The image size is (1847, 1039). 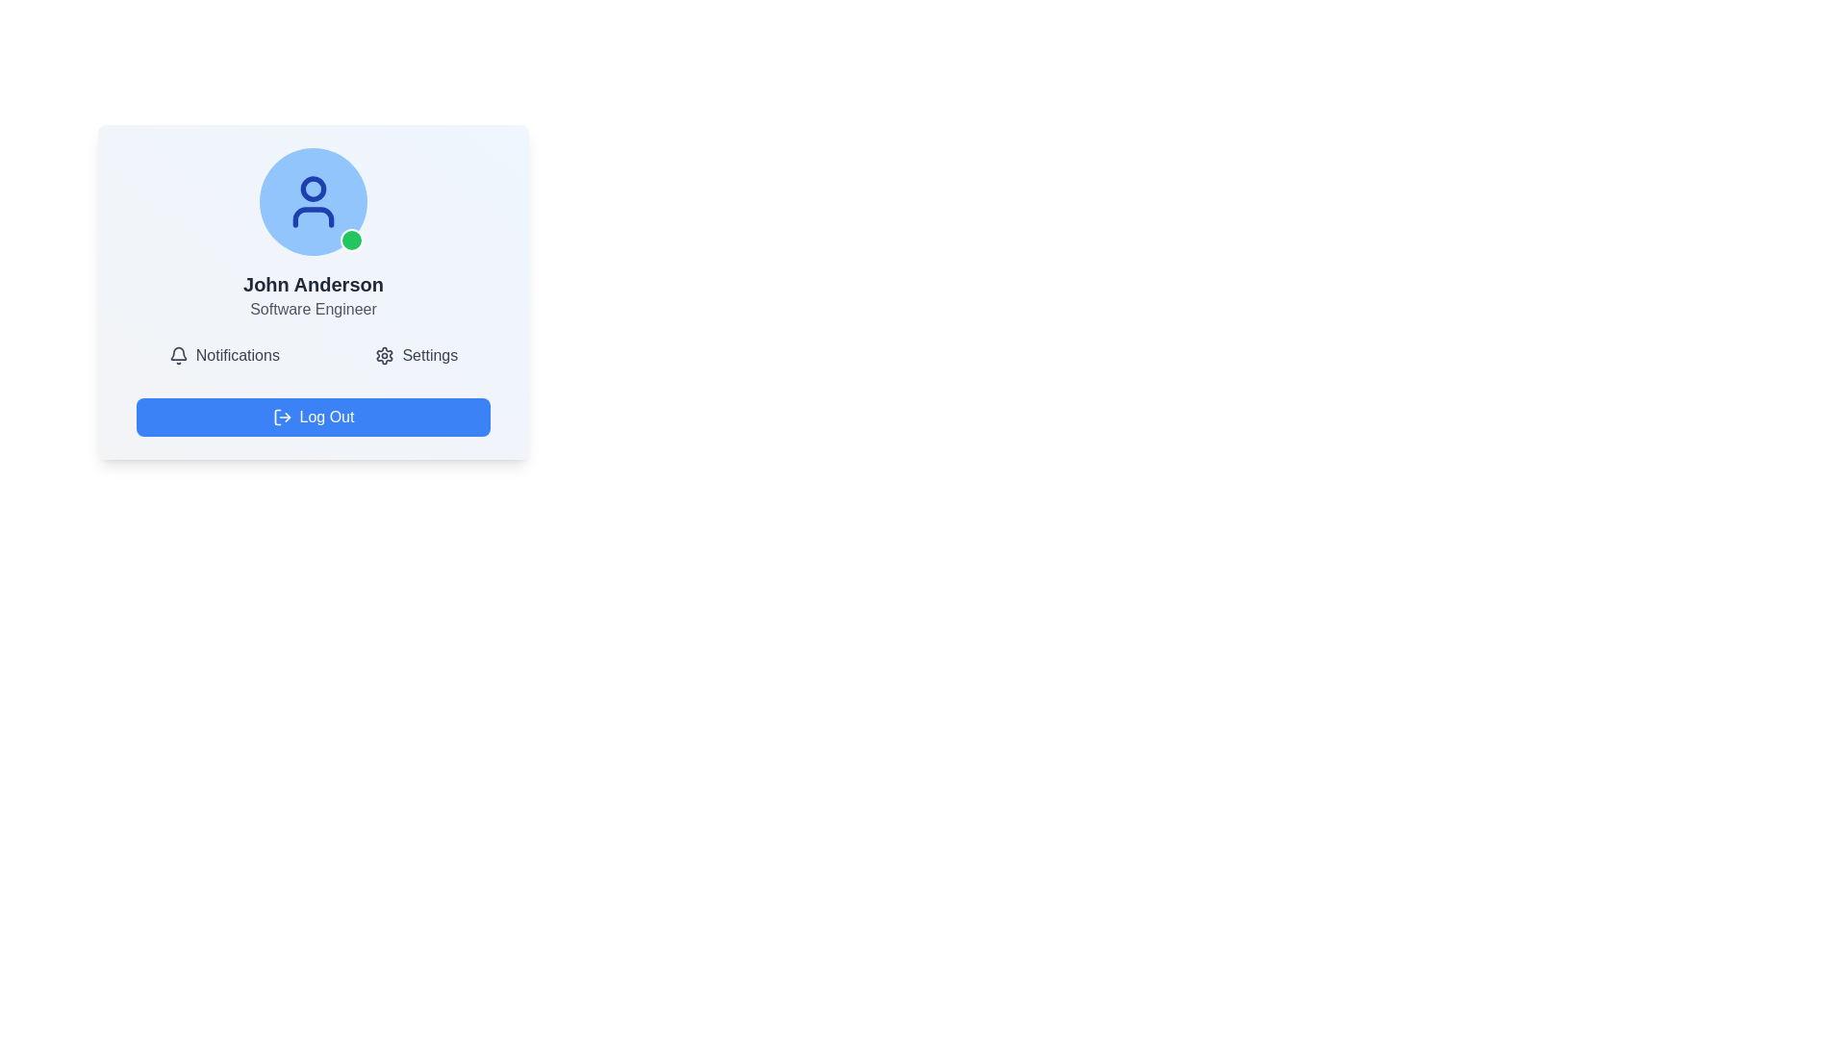 What do you see at coordinates (429, 356) in the screenshot?
I see `the 'Settings' semantic label, which is displayed in bold dark gray font, located next to the gear icon` at bounding box center [429, 356].